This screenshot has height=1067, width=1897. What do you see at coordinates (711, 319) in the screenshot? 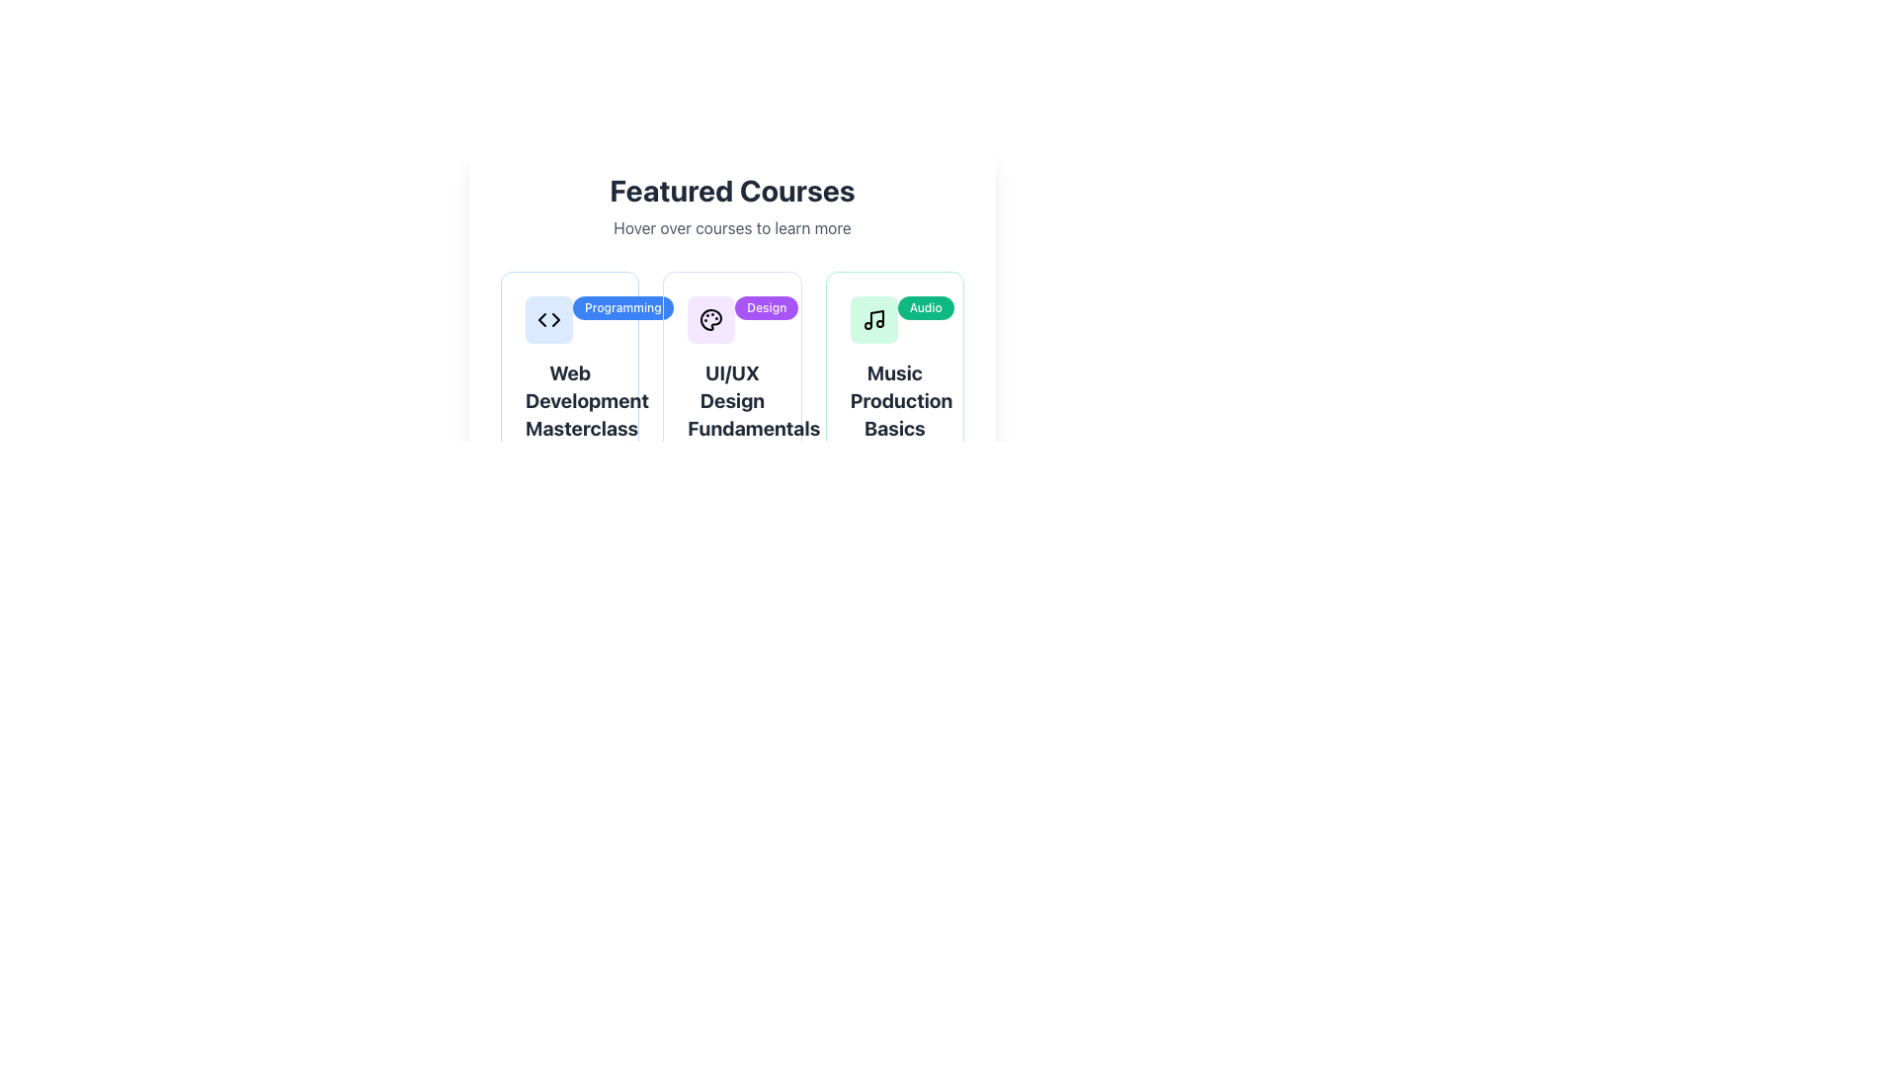
I see `the decorative SVG icon associated with the 'UI/UX Design Fundamentals' course, which provides visual context within the UI section` at bounding box center [711, 319].